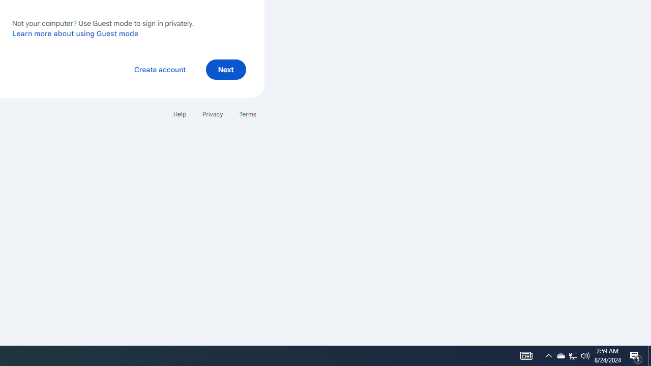 This screenshot has width=651, height=366. What do you see at coordinates (159, 69) in the screenshot?
I see `'Create account'` at bounding box center [159, 69].